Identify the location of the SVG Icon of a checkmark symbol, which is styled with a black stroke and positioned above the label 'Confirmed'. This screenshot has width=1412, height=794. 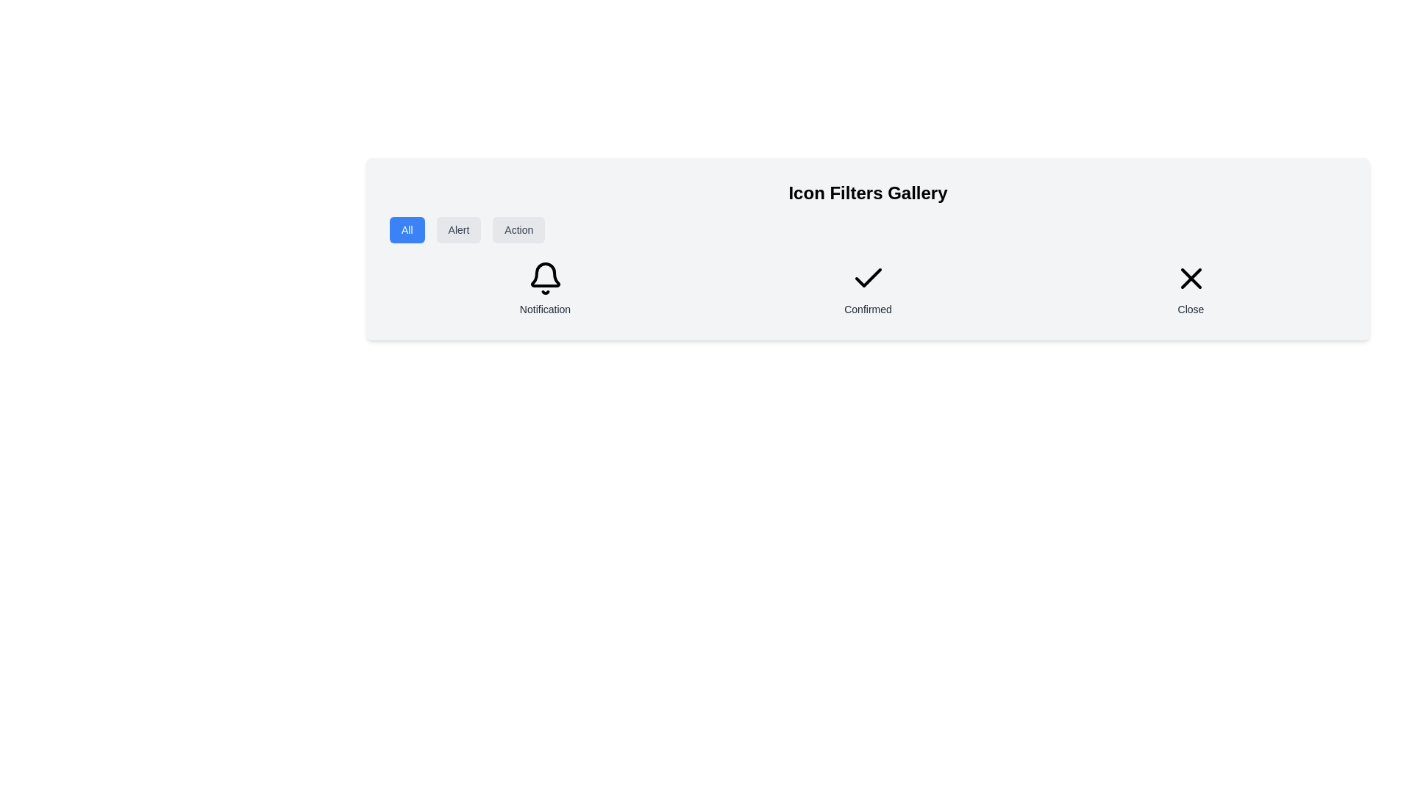
(868, 278).